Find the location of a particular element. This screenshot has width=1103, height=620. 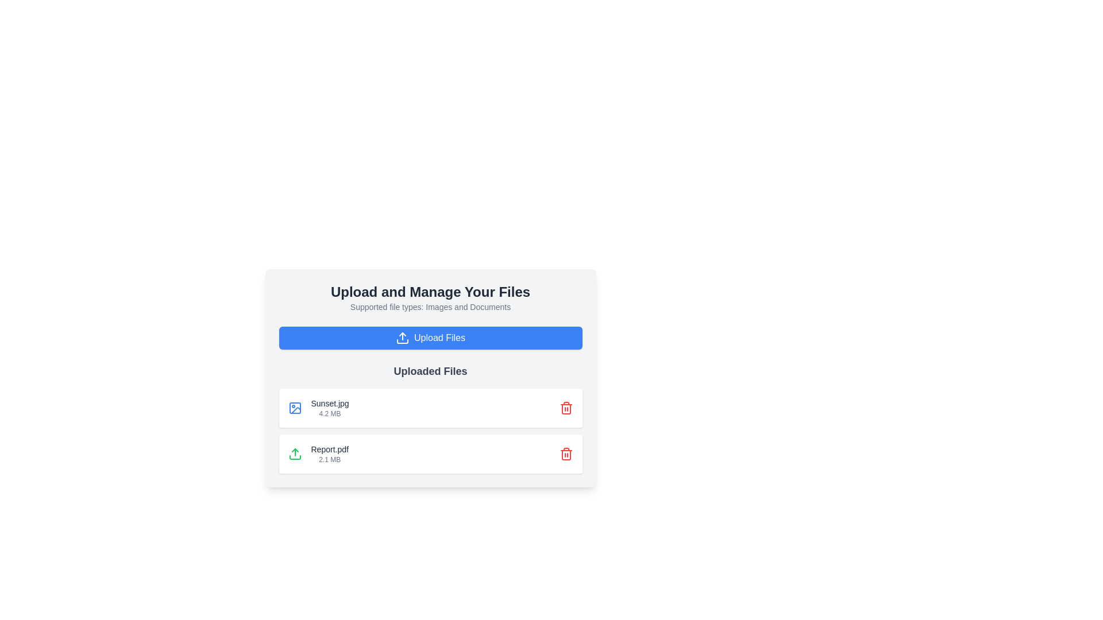

the delete button located at the far right of the bottom file entry next to 'Report.pdf' is located at coordinates (566, 453).